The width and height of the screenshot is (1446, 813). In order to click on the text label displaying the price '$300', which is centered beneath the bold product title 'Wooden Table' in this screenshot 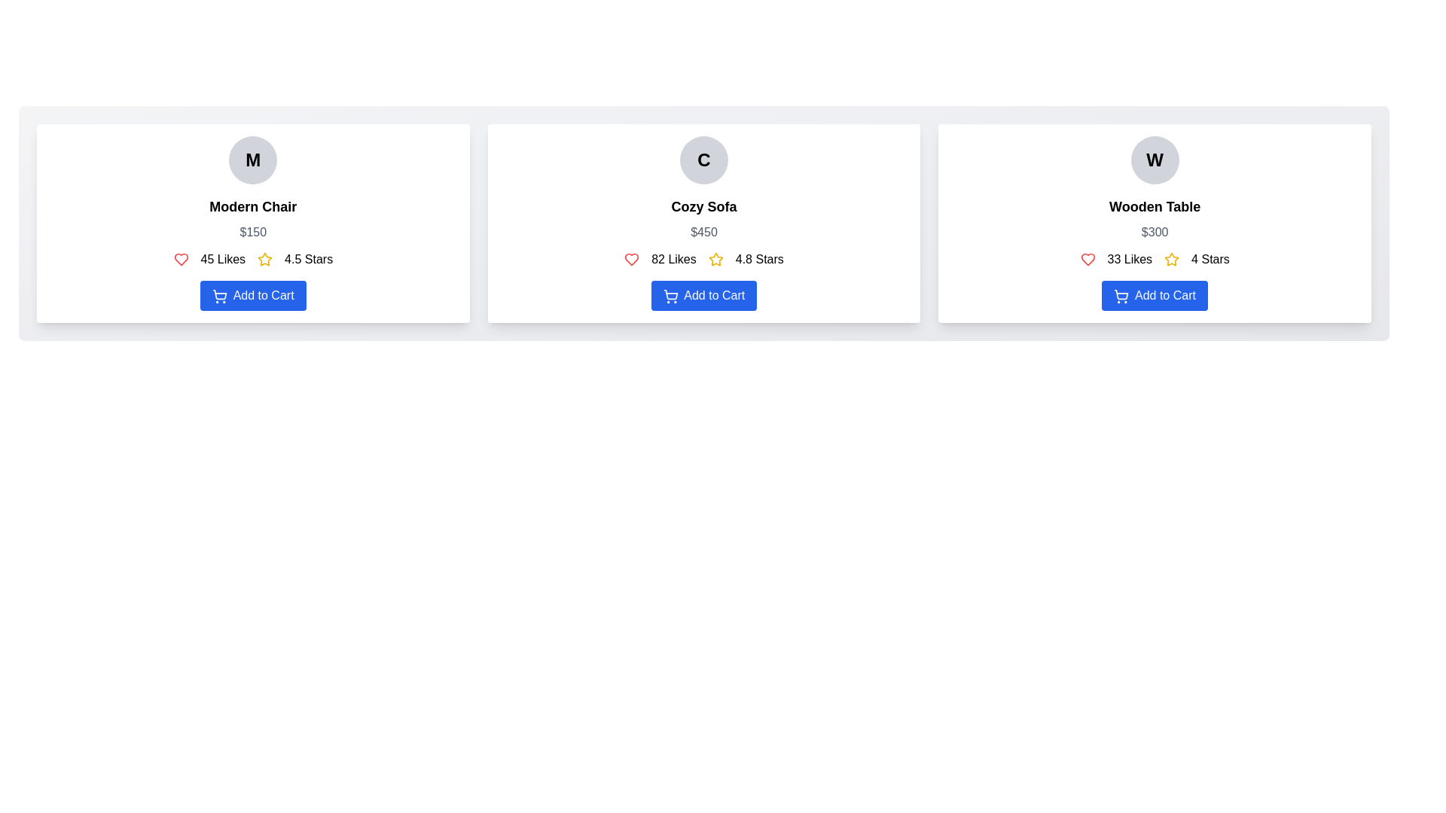, I will do `click(1154, 232)`.